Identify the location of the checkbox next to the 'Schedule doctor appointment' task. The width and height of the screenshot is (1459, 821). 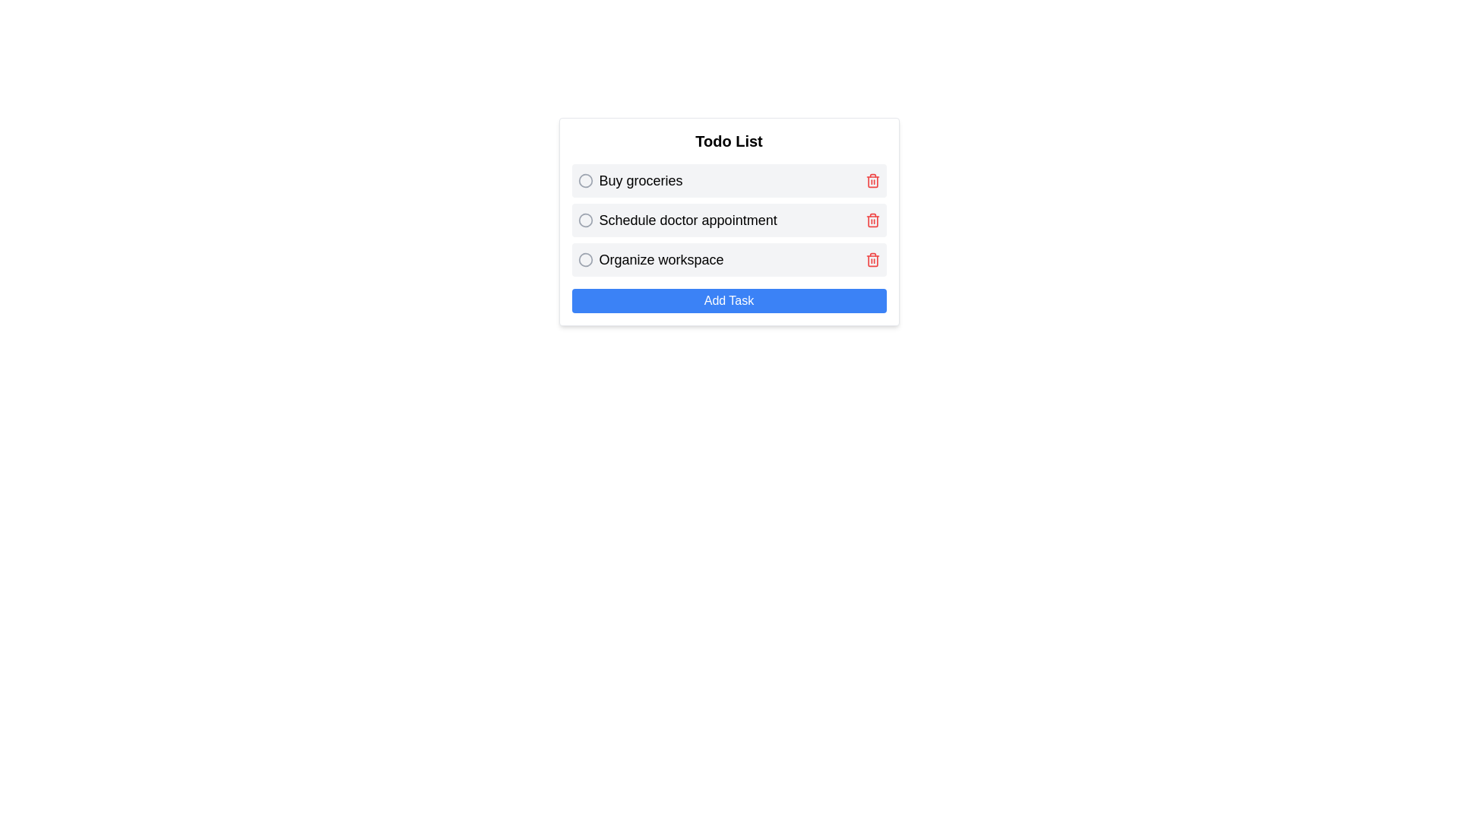
(676, 220).